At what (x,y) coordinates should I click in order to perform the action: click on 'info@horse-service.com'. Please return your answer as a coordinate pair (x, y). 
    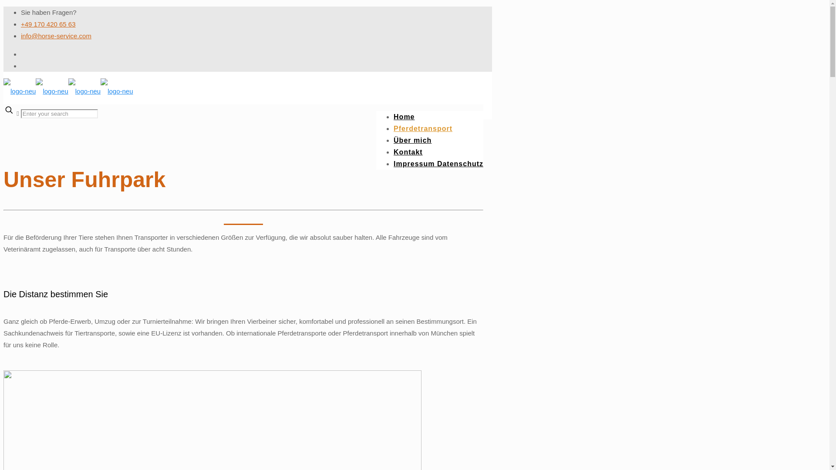
    Looking at the image, I should click on (21, 35).